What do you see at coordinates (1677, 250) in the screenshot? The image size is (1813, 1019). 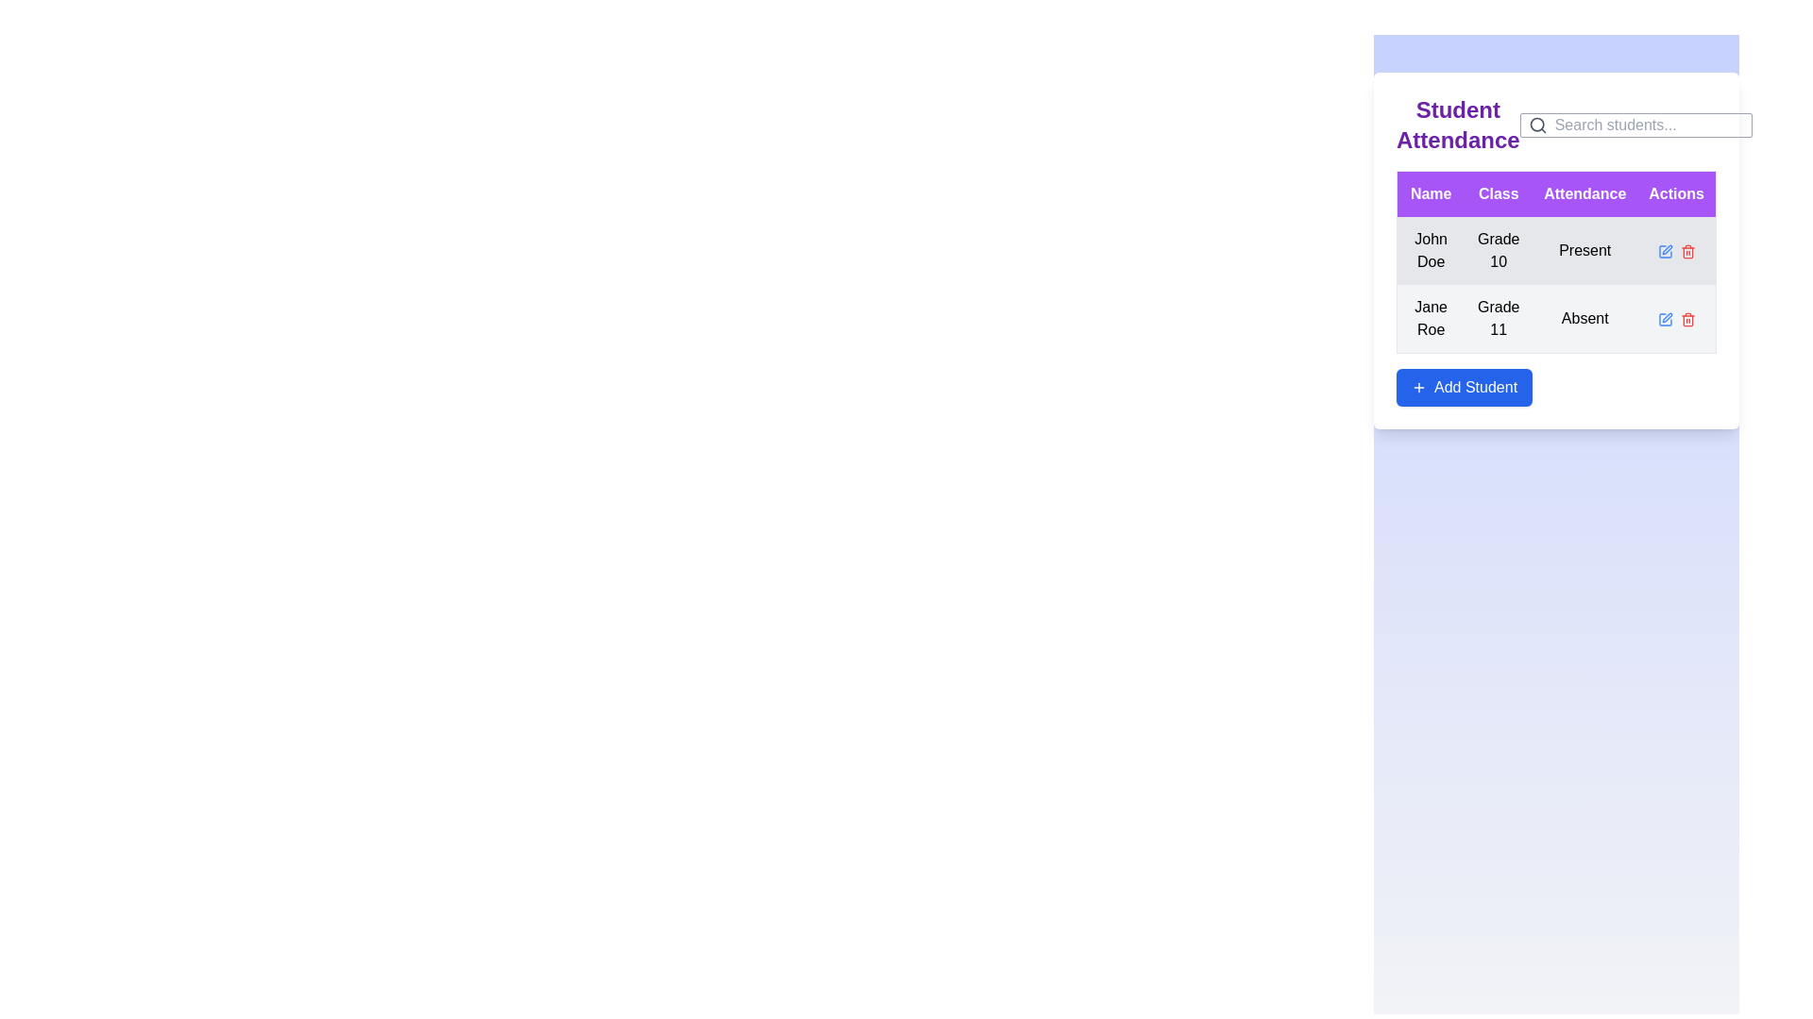 I see `the delete icon in the Actions column of the first row` at bounding box center [1677, 250].